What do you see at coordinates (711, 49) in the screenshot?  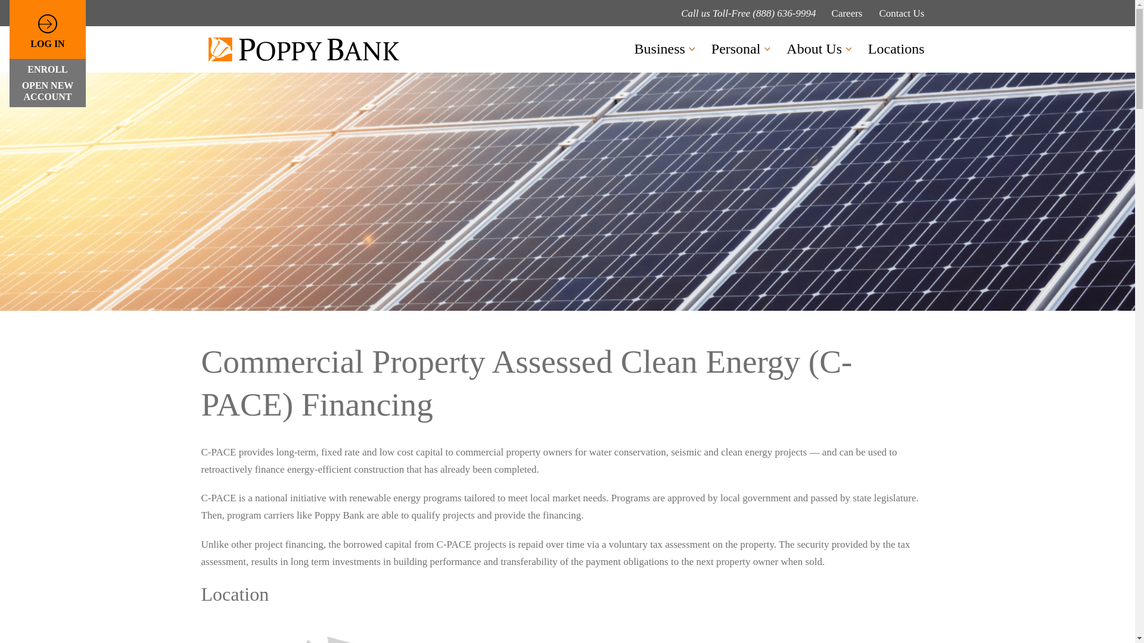 I see `'Personal'` at bounding box center [711, 49].